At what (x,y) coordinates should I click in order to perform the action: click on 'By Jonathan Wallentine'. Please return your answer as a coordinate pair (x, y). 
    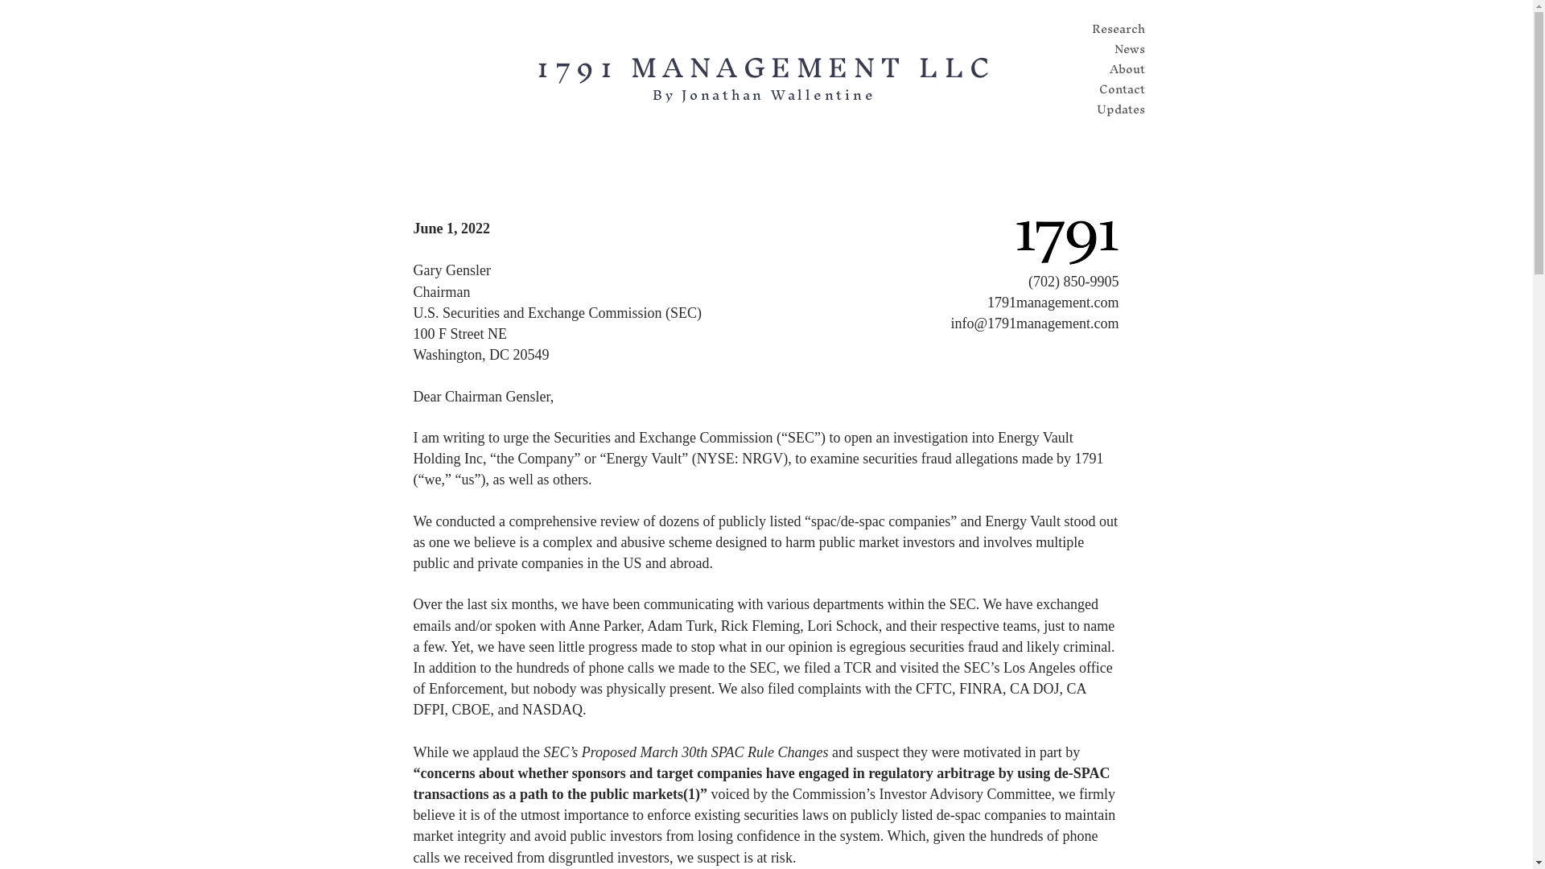
    Looking at the image, I should click on (764, 94).